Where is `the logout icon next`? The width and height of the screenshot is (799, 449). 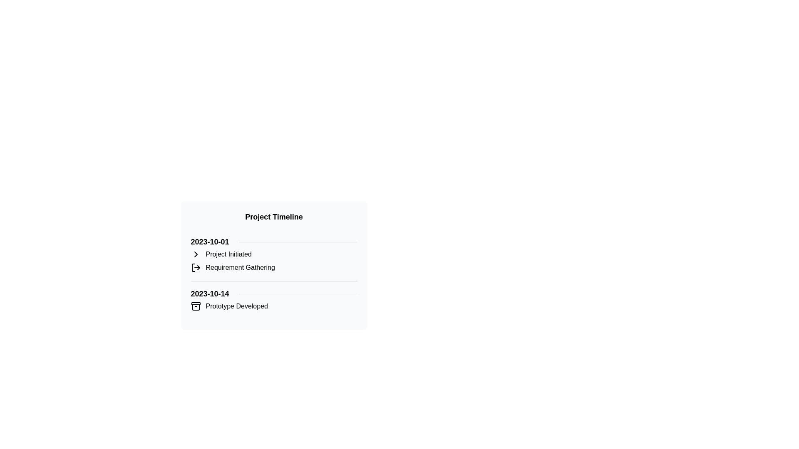 the logout icon next is located at coordinates (195, 268).